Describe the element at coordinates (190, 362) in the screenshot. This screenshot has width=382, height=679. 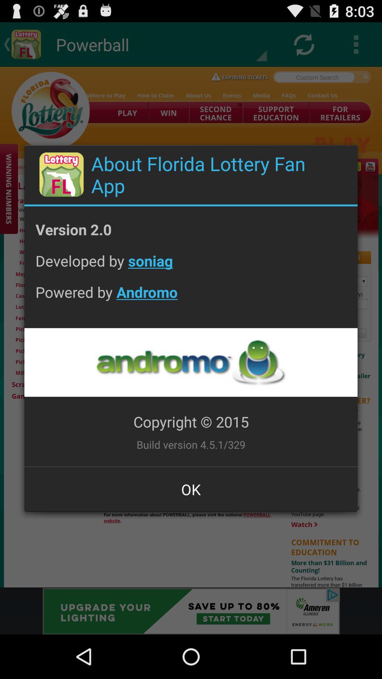
I see `open page` at that location.